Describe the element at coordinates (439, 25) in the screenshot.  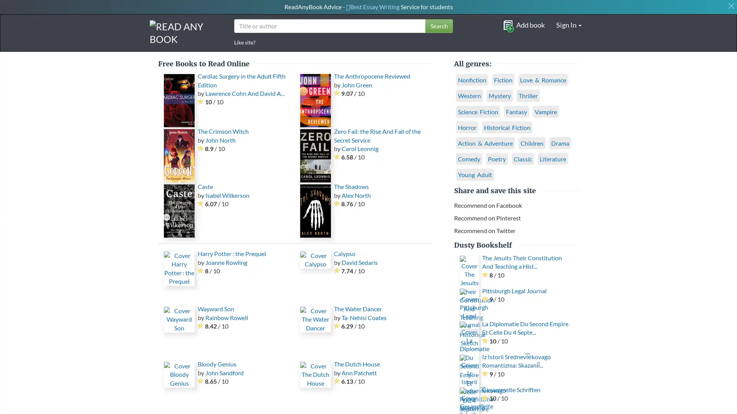
I see `Search` at that location.